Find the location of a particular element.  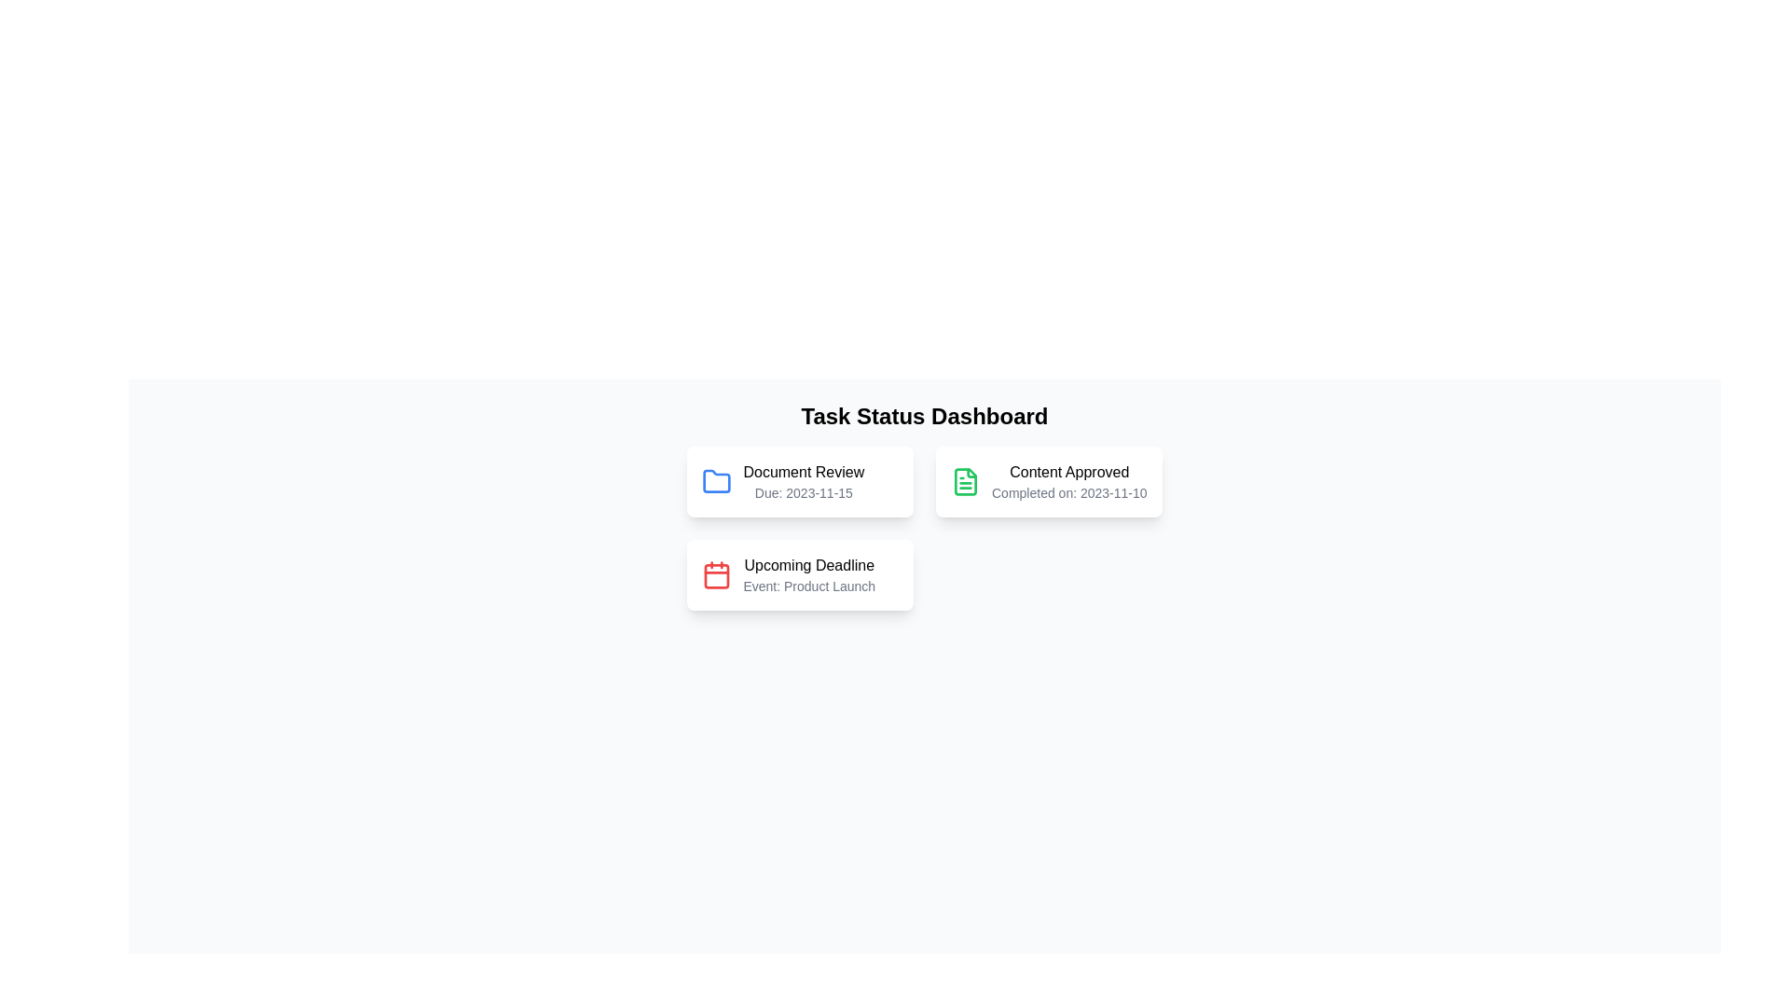

the 'Upcoming Deadline' text element styled in medium weight, which is located in the upper text block of the lower-left card in a three-card layout, positioned above the text 'Event: Product Launch' is located at coordinates (809, 564).